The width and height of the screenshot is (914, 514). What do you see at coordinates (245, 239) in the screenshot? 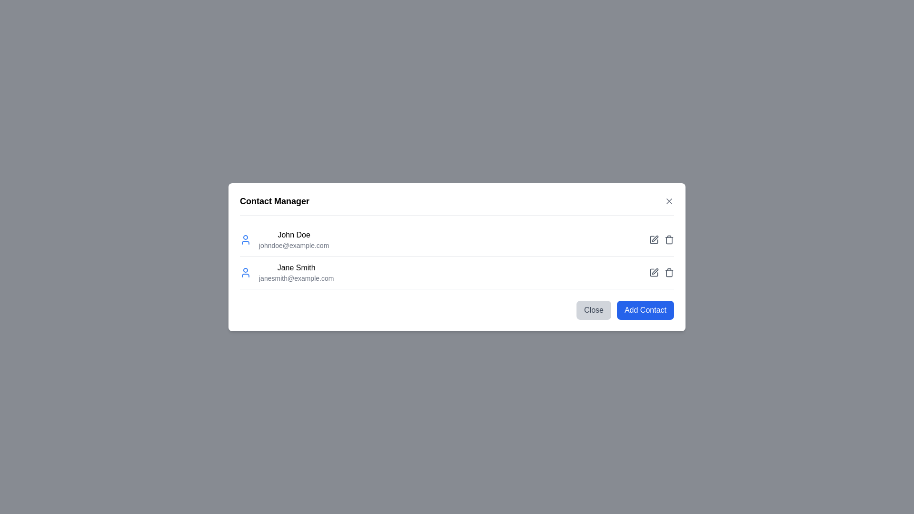
I see `the user icon, which is a blue silhouette located to the left of the text 'John Doe' and 'johndoe@example.com'` at bounding box center [245, 239].